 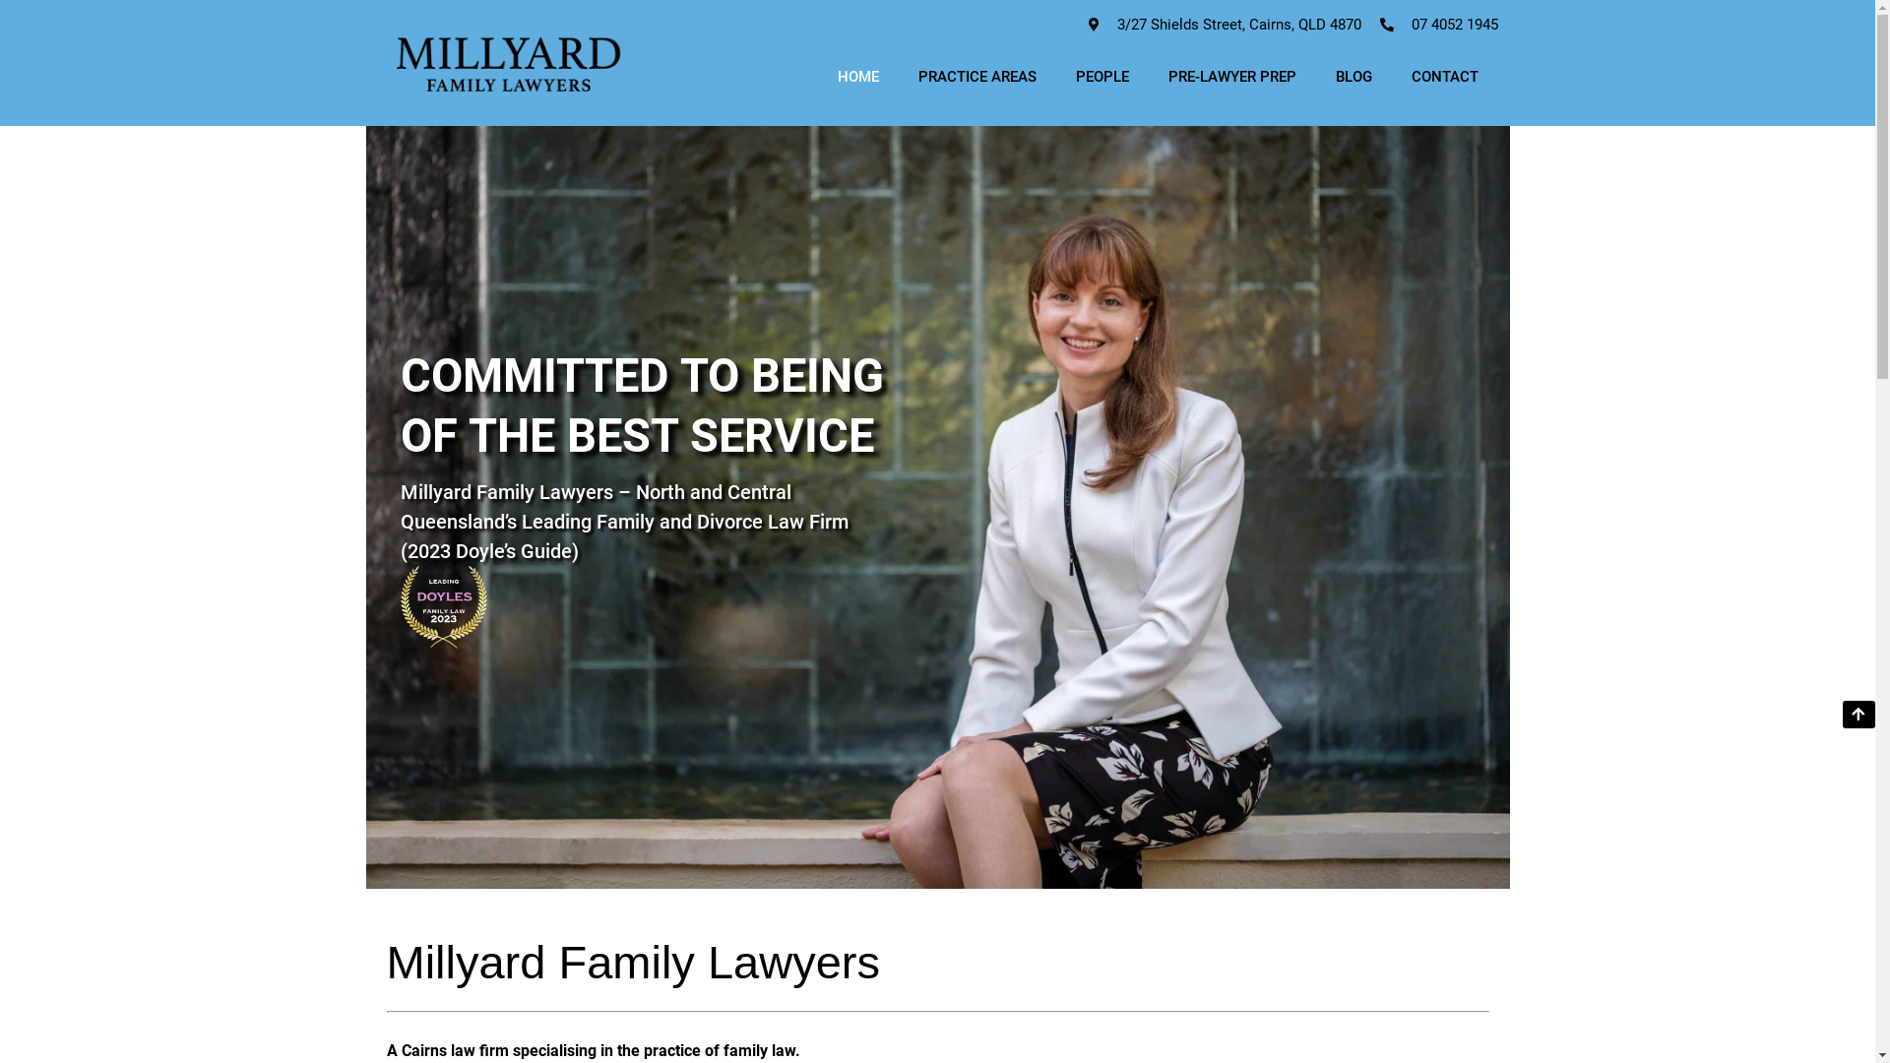 I want to click on 'CONTACT', so click(x=1445, y=75).